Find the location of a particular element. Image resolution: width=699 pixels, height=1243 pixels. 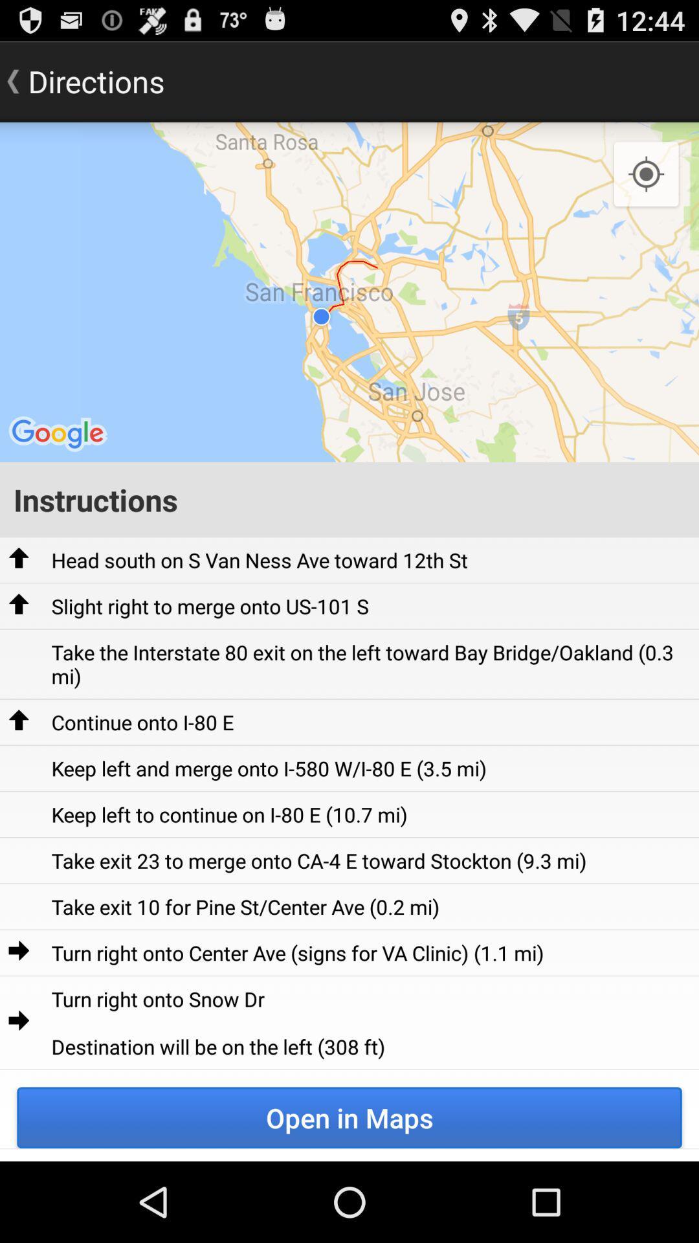

item below turn right onto icon is located at coordinates (349, 1117).